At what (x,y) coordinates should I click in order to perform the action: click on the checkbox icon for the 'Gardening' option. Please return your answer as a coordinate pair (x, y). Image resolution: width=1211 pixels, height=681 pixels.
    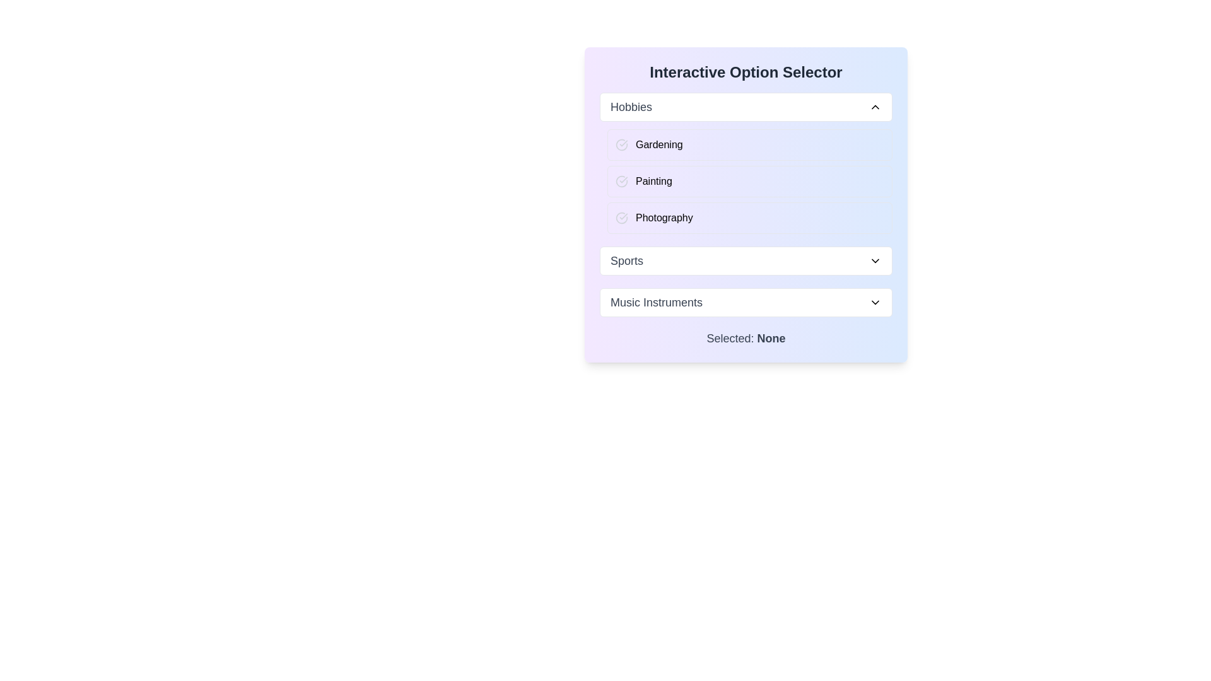
    Looking at the image, I should click on (621, 144).